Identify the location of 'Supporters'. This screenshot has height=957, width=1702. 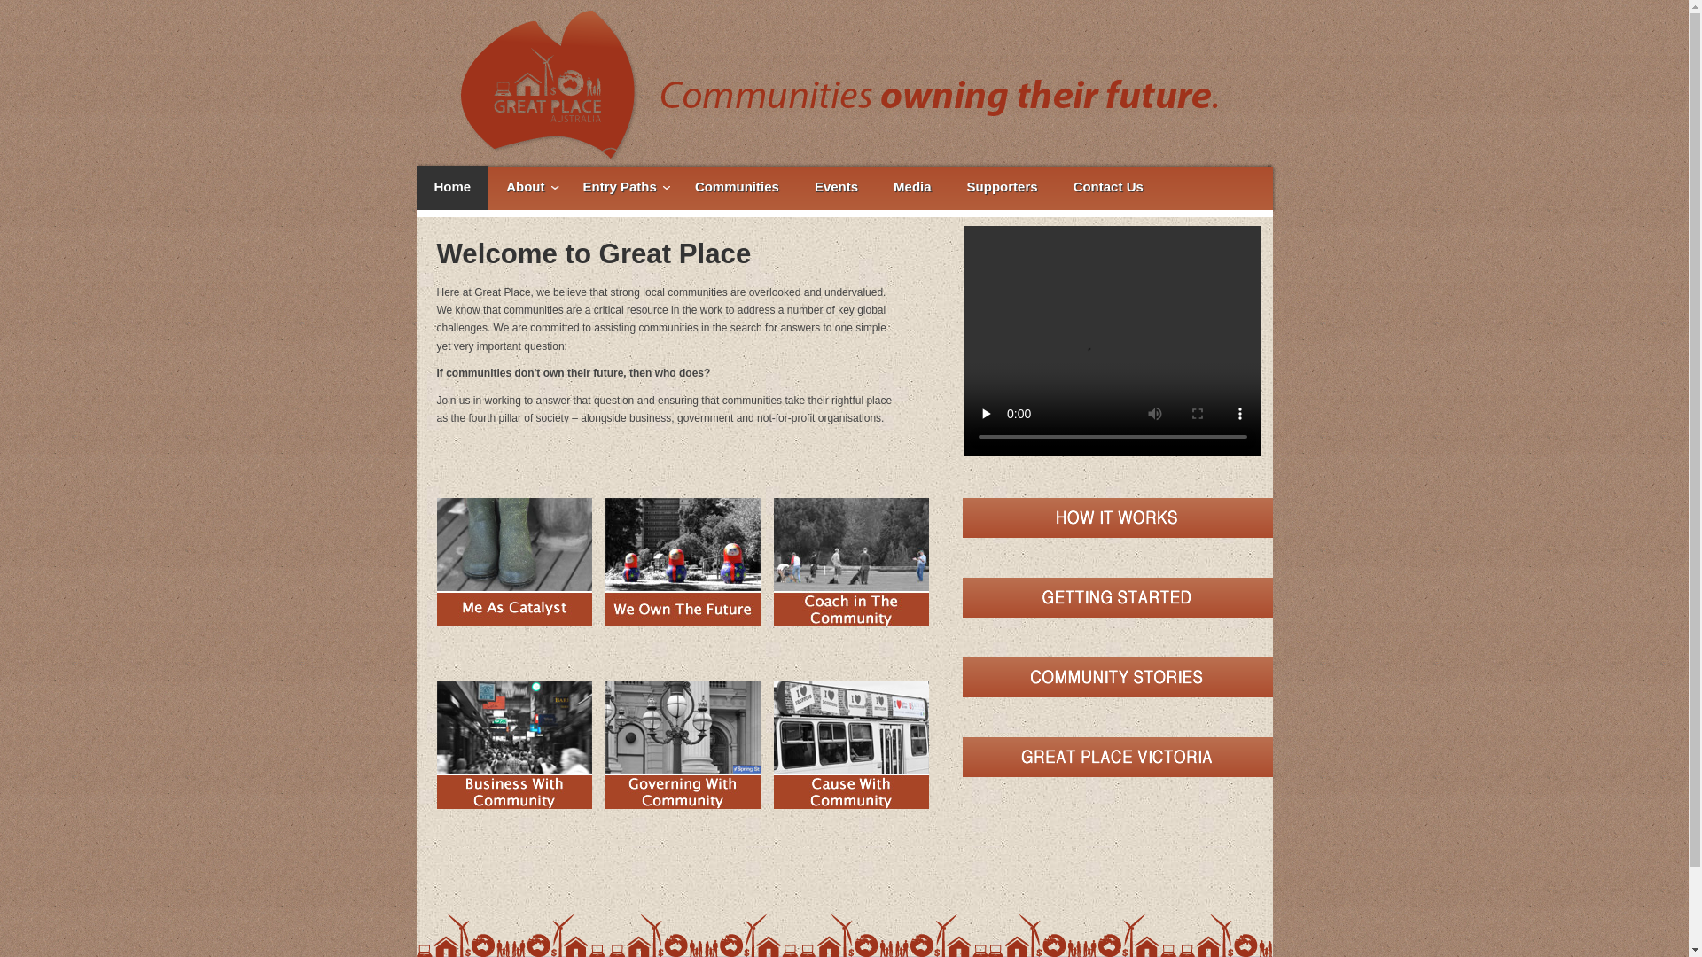
(1003, 188).